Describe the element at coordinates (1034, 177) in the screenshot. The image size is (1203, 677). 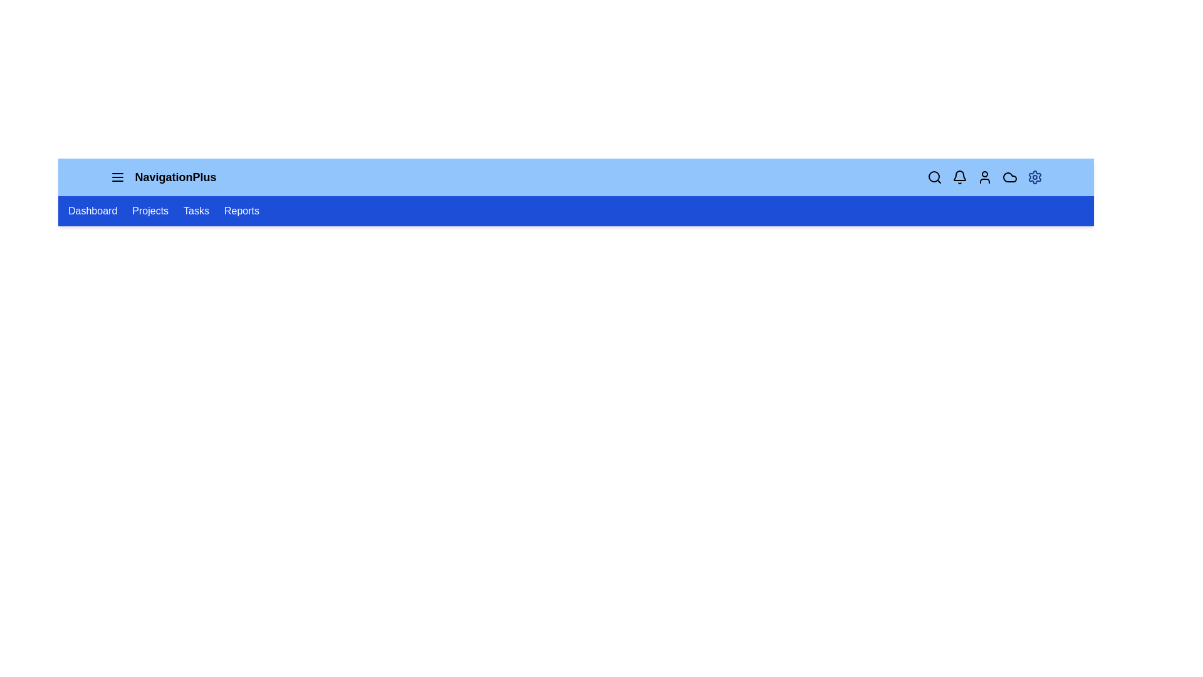
I see `the theme toggle button to switch between light and dark themes` at that location.